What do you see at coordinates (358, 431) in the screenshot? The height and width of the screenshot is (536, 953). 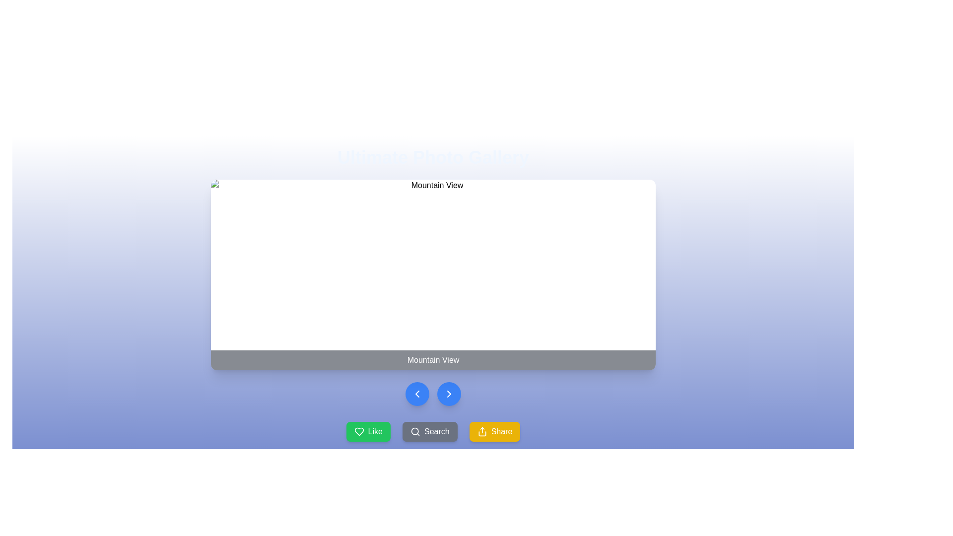 I see `the heart-shaped icon within the green 'Like' button, which is positioned on the left side of a row of buttons at the bottom of the interface` at bounding box center [358, 431].